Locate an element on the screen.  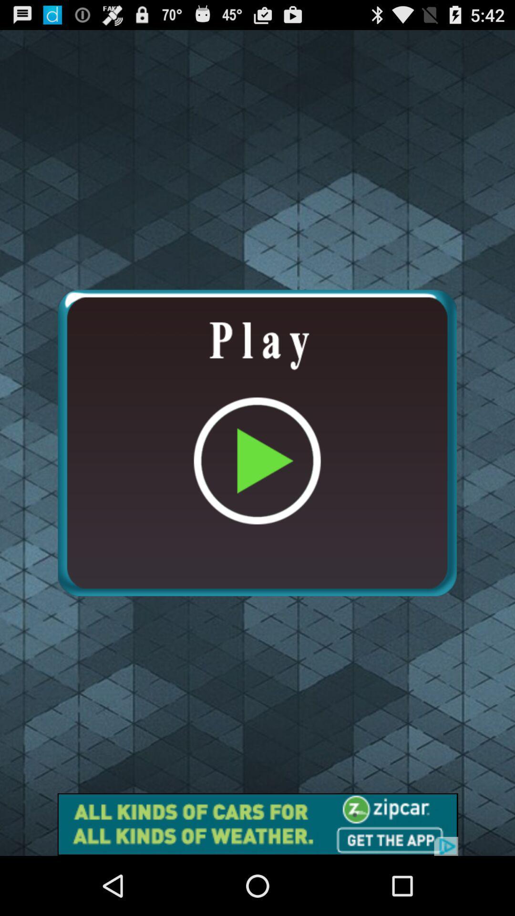
the audio play is located at coordinates (257, 442).